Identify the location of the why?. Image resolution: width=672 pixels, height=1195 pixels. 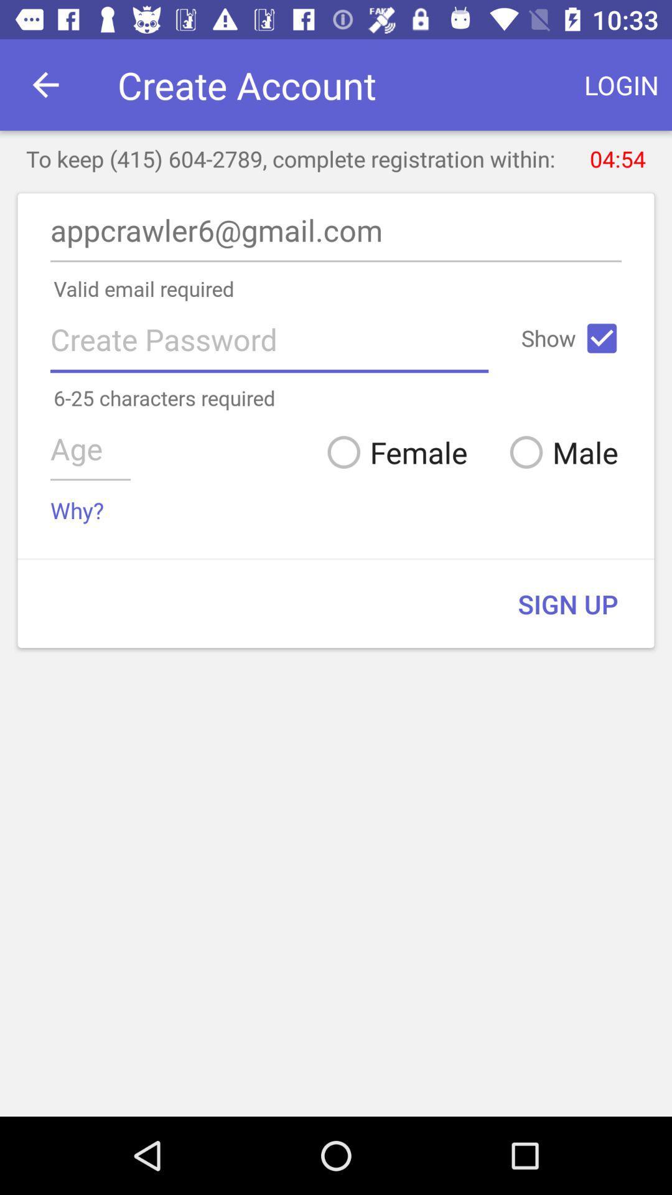
(77, 510).